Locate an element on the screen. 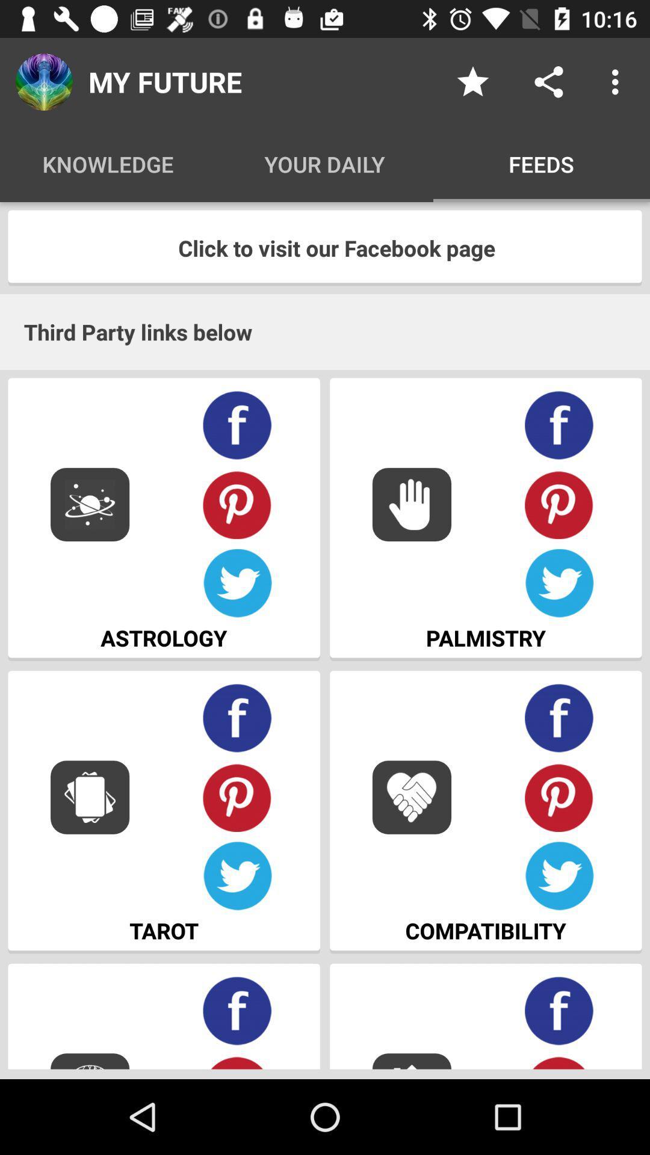  share on pininterest is located at coordinates (237, 504).